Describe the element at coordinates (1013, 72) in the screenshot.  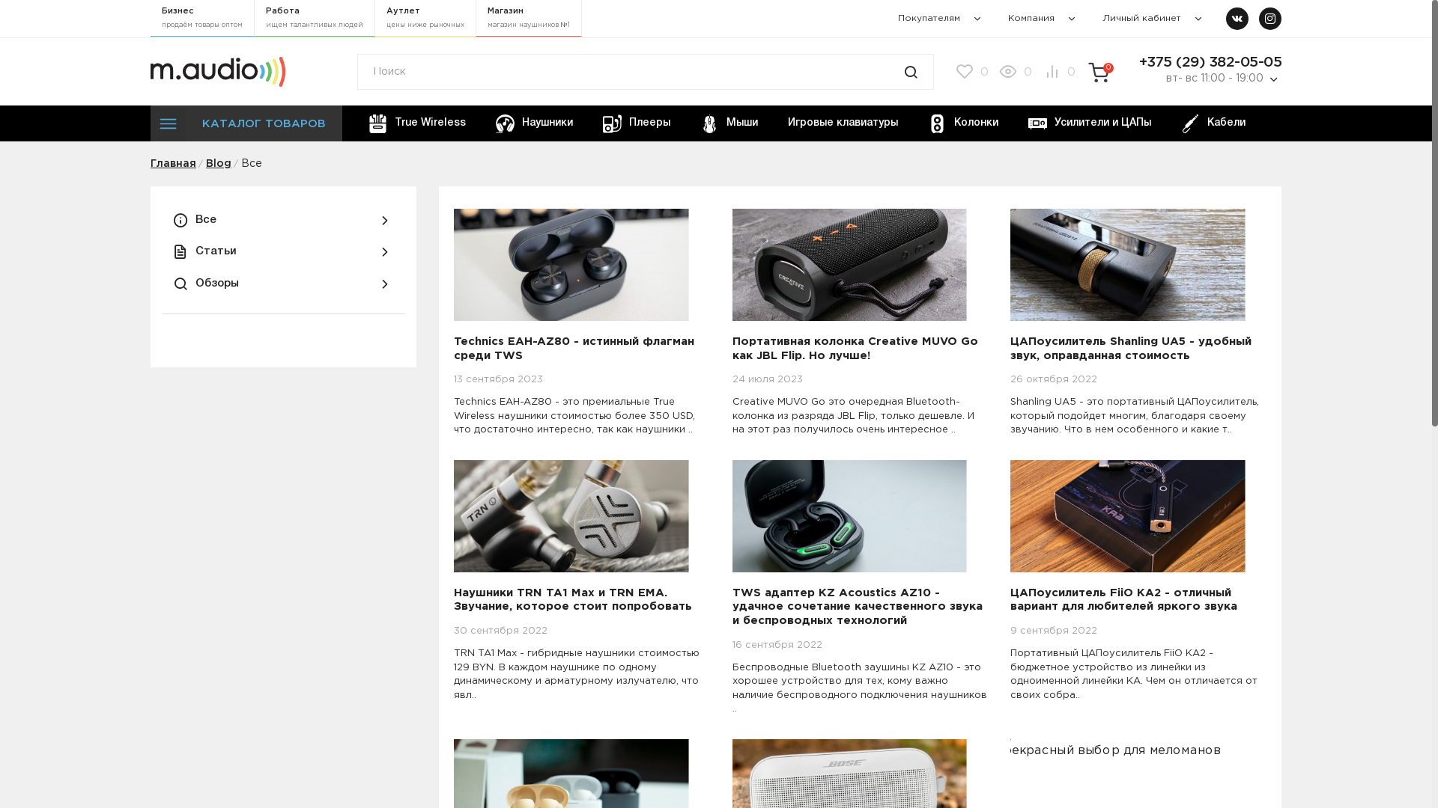
I see `'0'` at that location.